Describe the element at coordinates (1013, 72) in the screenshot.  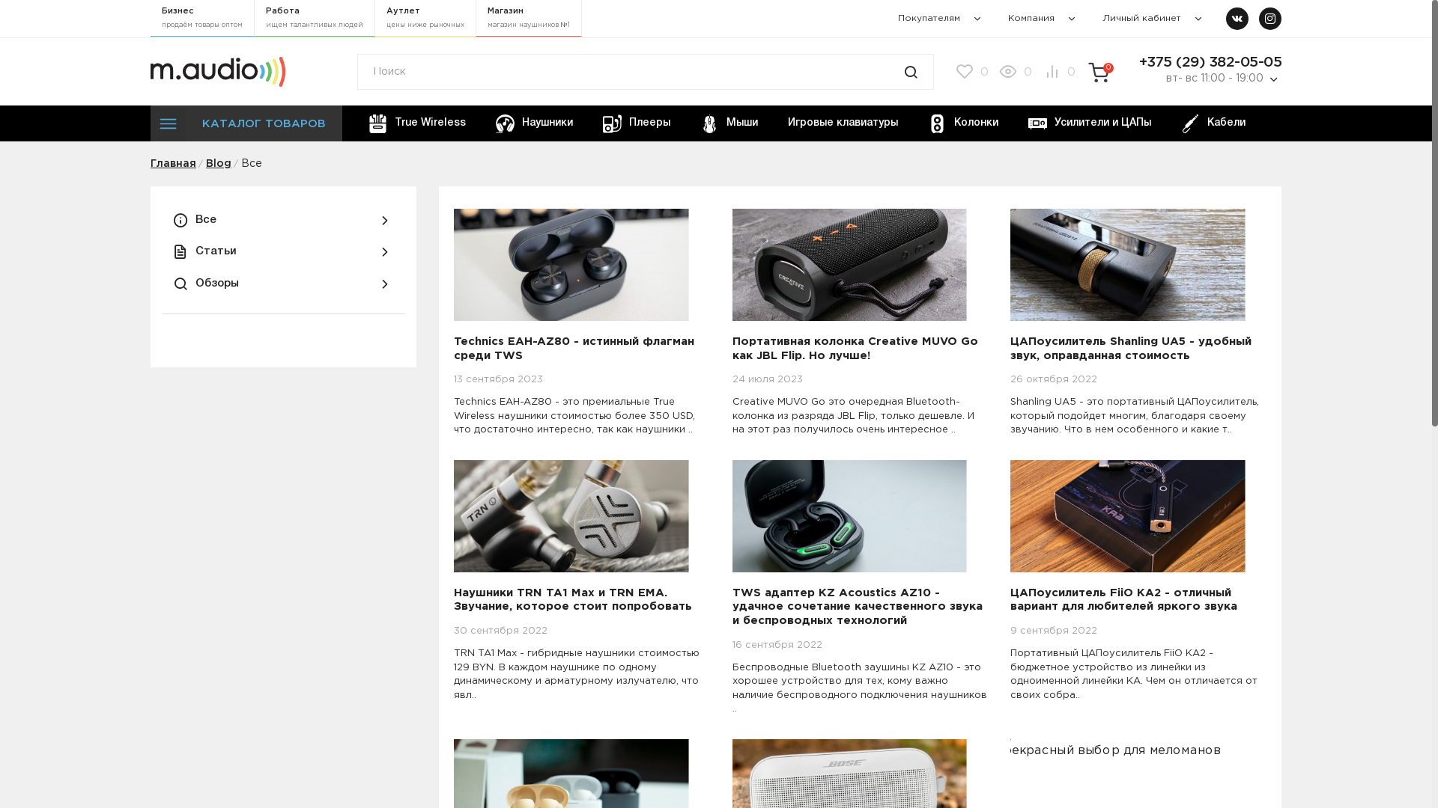
I see `'0'` at that location.